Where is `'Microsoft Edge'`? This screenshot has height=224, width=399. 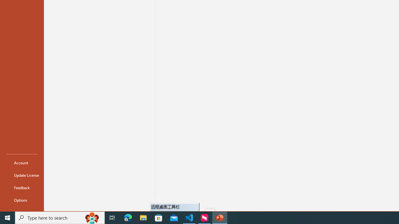 'Microsoft Edge' is located at coordinates (128, 217).